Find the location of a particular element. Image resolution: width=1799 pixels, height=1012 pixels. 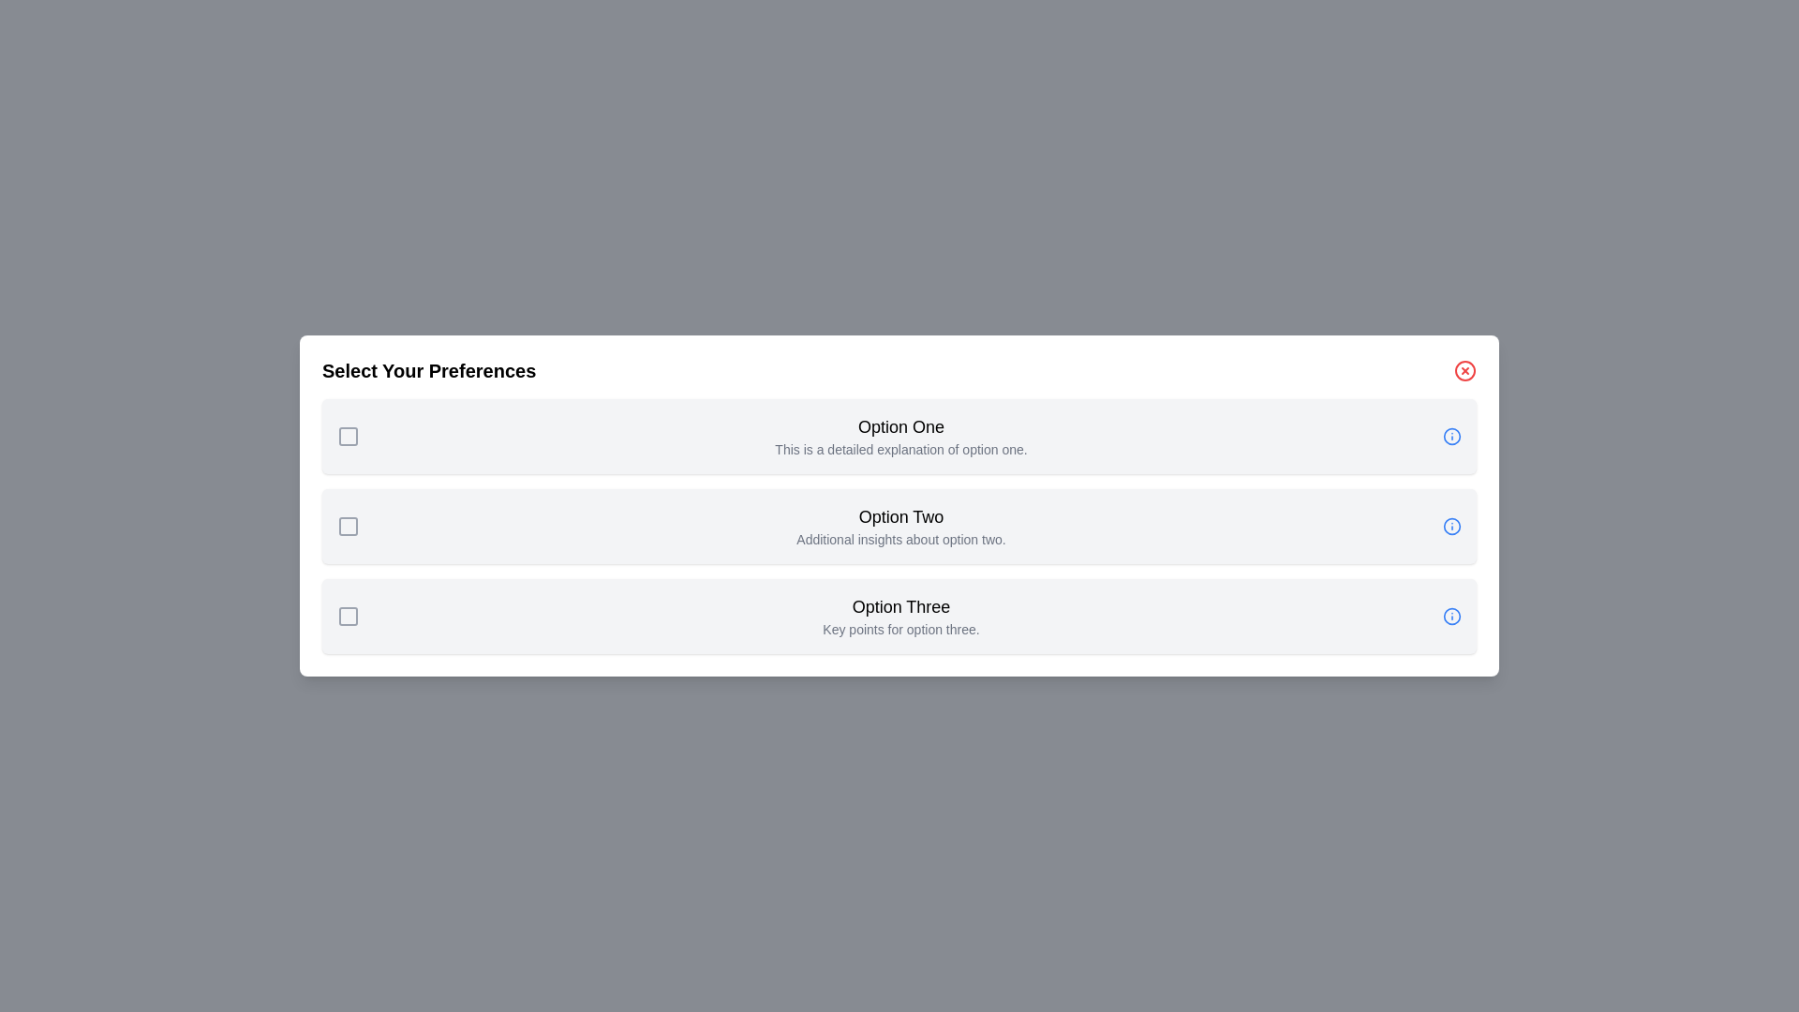

the information icon located at the far right end of the 'Option One' section is located at coordinates (1451, 437).